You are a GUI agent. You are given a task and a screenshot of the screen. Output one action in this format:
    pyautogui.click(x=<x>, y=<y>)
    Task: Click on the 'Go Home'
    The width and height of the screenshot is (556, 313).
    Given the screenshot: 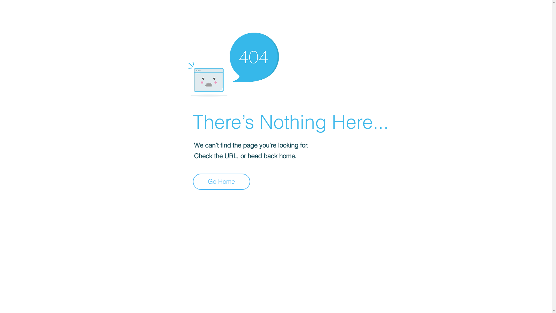 What is the action you would take?
    pyautogui.click(x=221, y=181)
    